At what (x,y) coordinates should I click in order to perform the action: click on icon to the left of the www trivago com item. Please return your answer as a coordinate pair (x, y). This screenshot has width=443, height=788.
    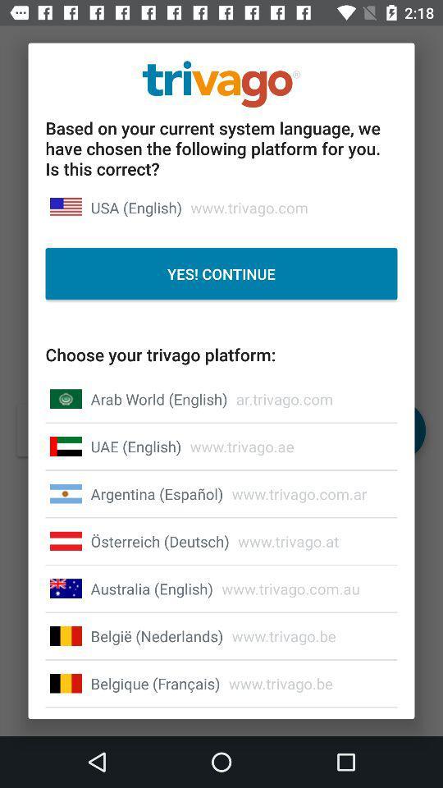
    Looking at the image, I should click on (152, 589).